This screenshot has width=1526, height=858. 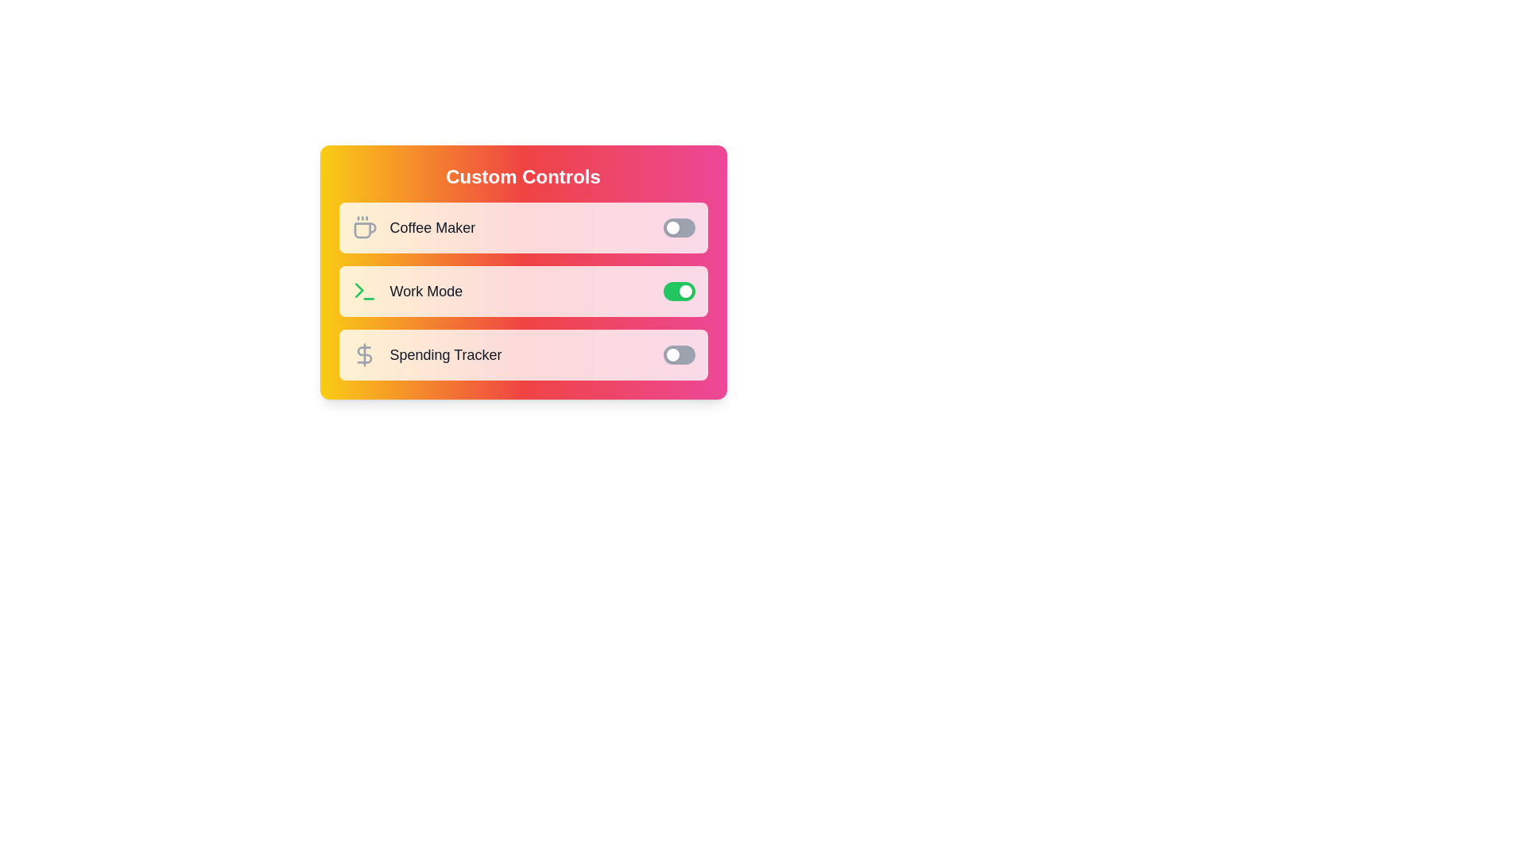 I want to click on the Spending Tracker Icon to reveal additional information, so click(x=363, y=354).